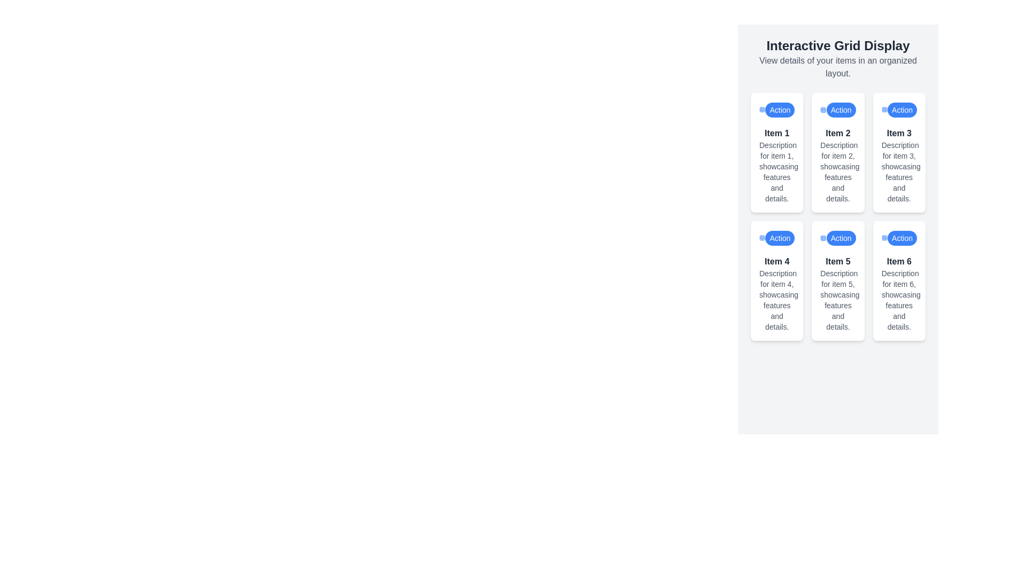  What do you see at coordinates (761, 110) in the screenshot?
I see `the small grid icon located to the left of the 'Action' text inside the button for 'Item 1'. This icon features a 3x3 grid pattern with blue accent coloring, indicating its association with an action or menu` at bounding box center [761, 110].